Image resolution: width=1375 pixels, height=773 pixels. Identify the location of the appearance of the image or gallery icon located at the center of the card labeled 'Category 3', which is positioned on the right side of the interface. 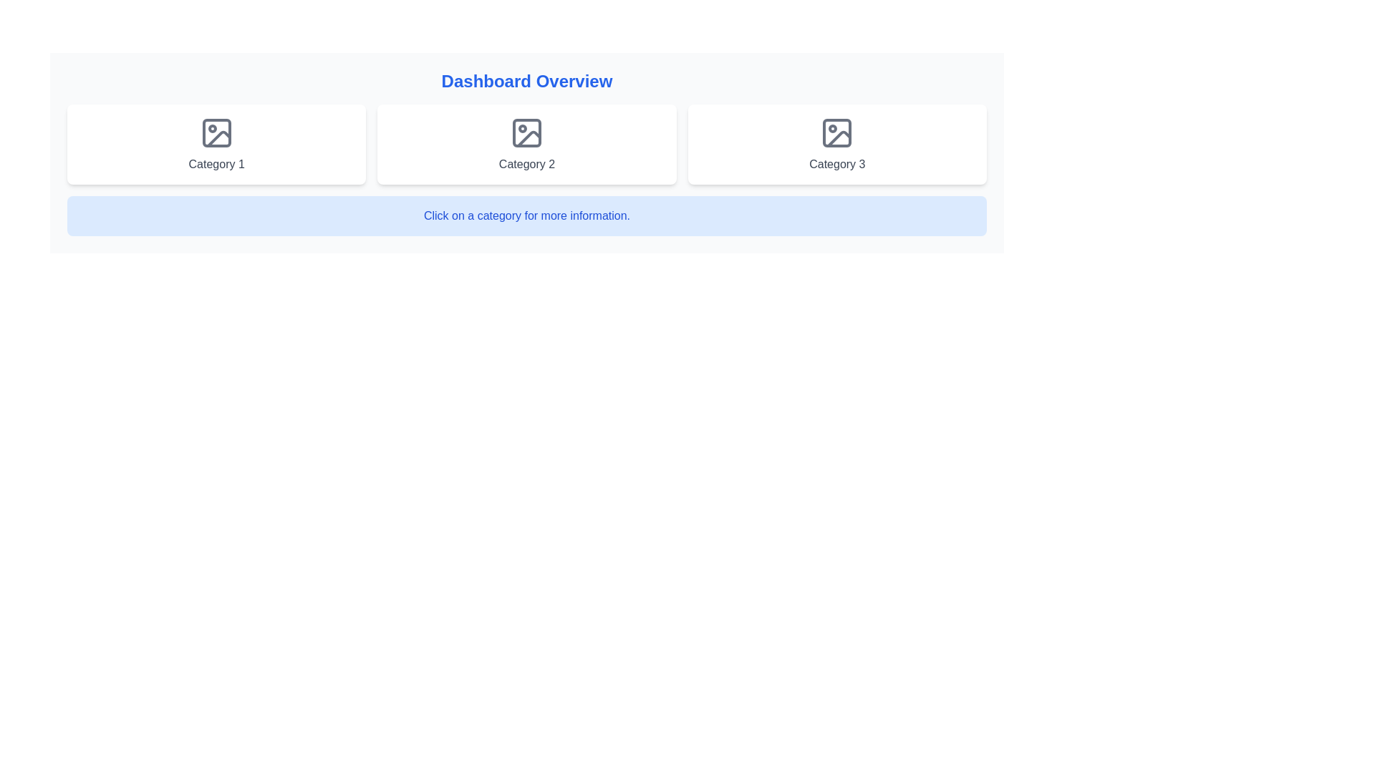
(837, 132).